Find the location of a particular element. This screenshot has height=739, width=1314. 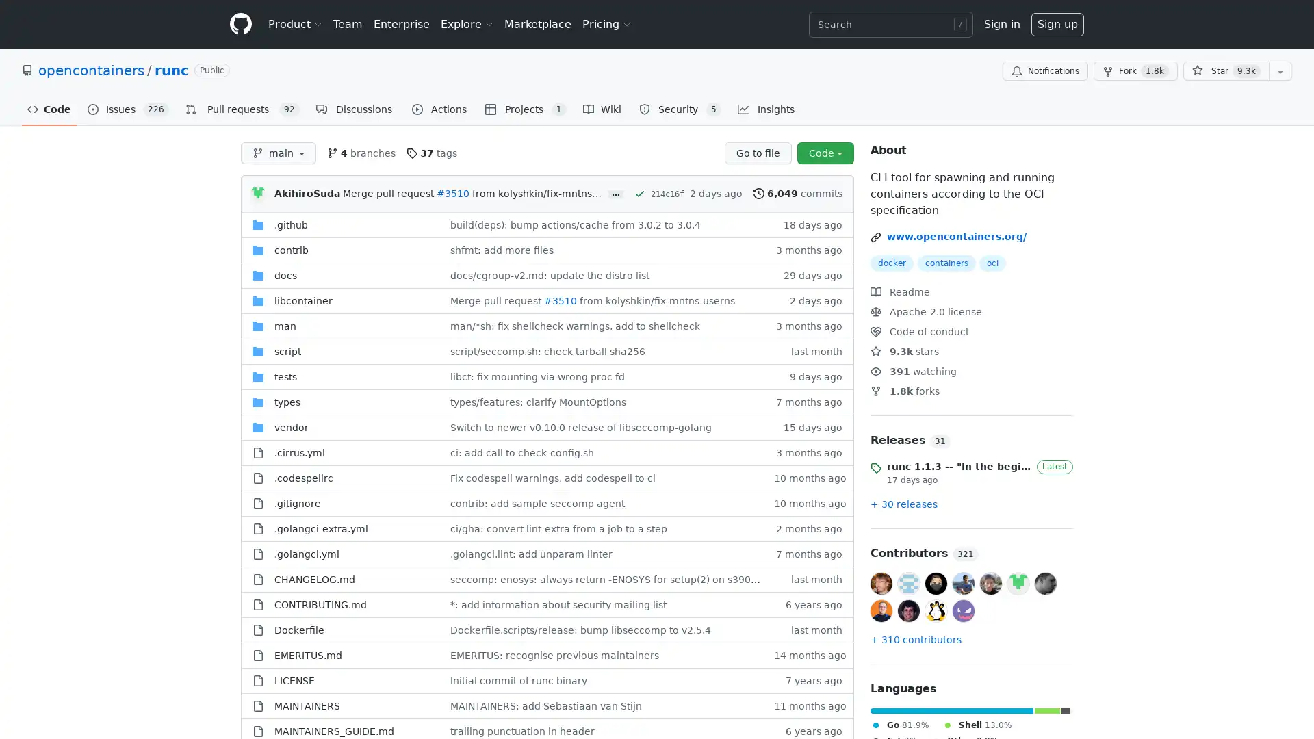

... is located at coordinates (615, 194).